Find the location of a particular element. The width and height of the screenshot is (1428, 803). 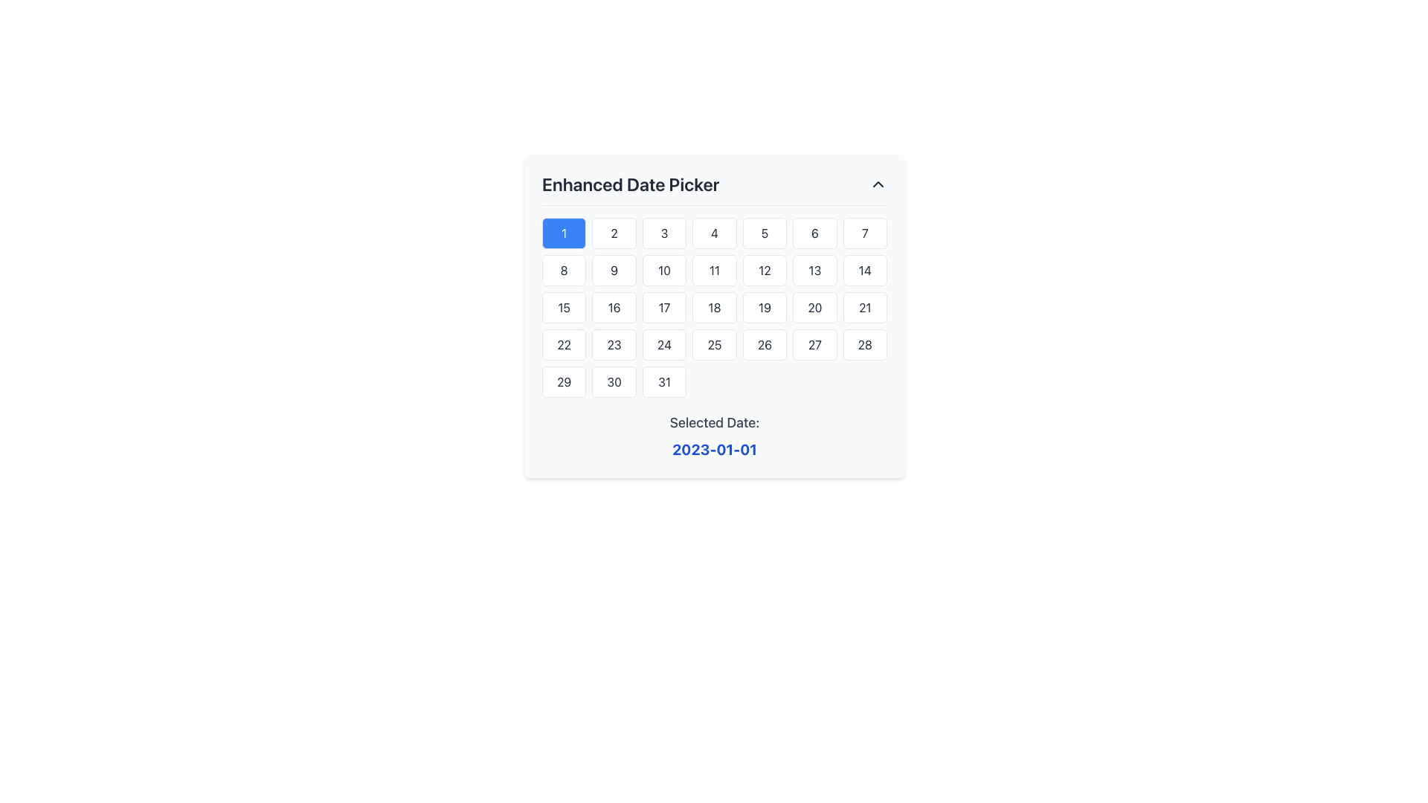

the button displaying the number '20' in the third row and sixth column of the date-picker grid is located at coordinates (814, 306).